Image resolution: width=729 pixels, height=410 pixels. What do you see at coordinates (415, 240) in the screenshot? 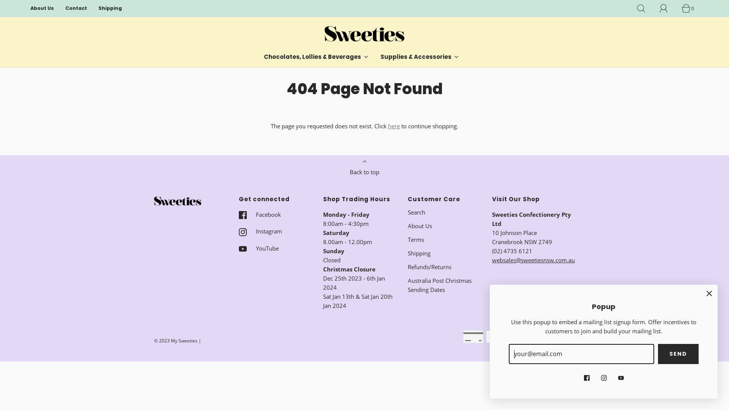
I see `'Terms'` at bounding box center [415, 240].